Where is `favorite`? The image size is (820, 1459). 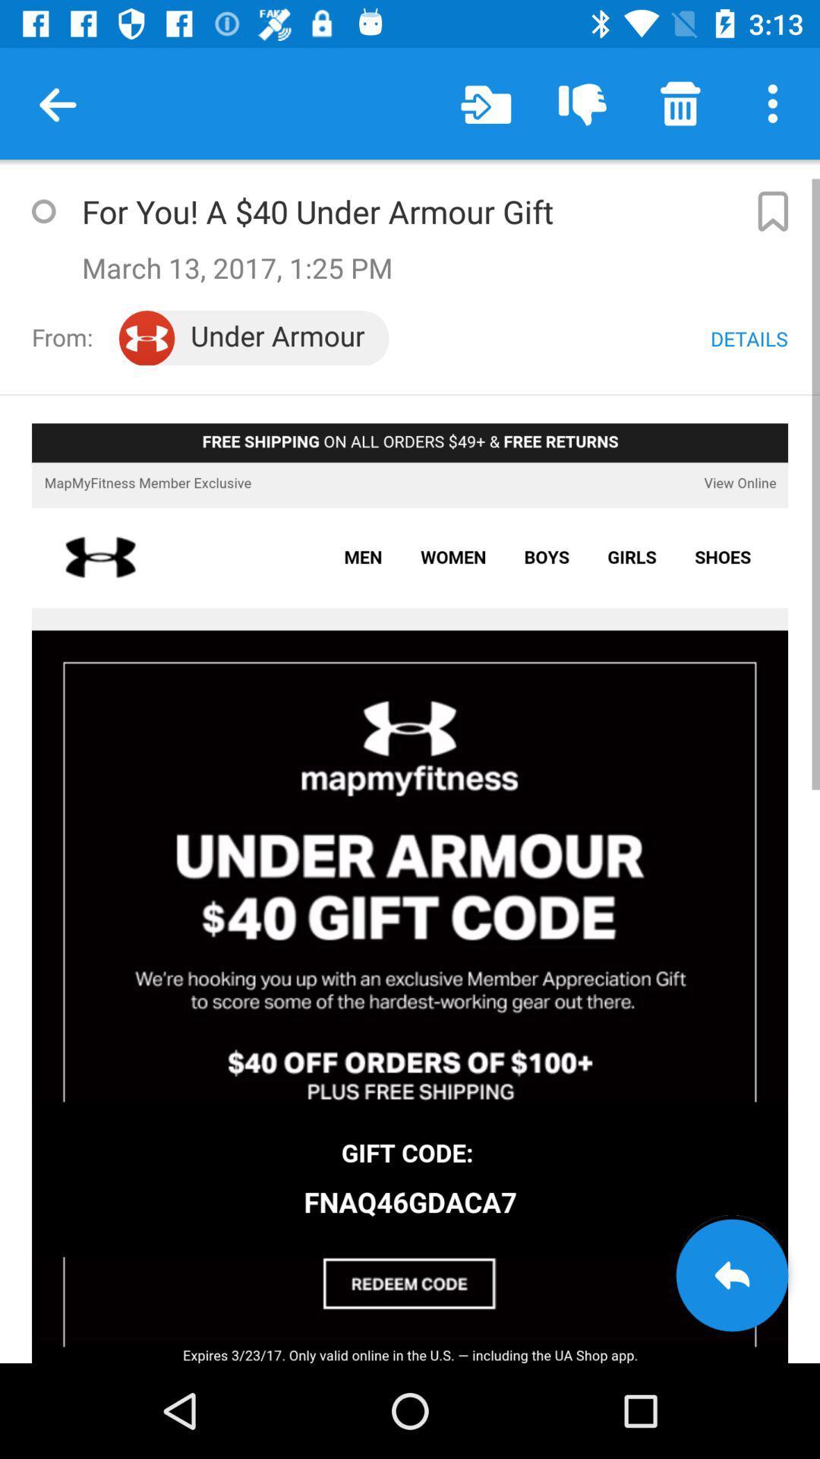 favorite is located at coordinates (43, 210).